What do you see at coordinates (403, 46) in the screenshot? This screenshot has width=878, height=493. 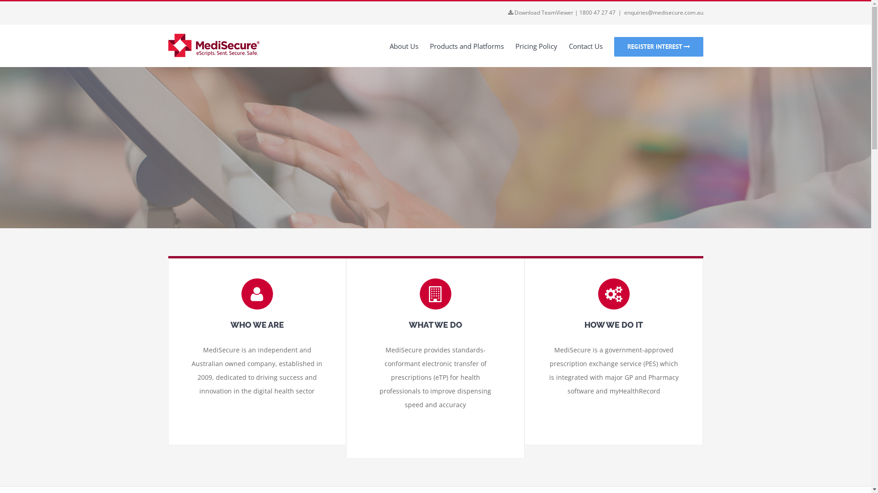 I see `'About Us'` at bounding box center [403, 46].